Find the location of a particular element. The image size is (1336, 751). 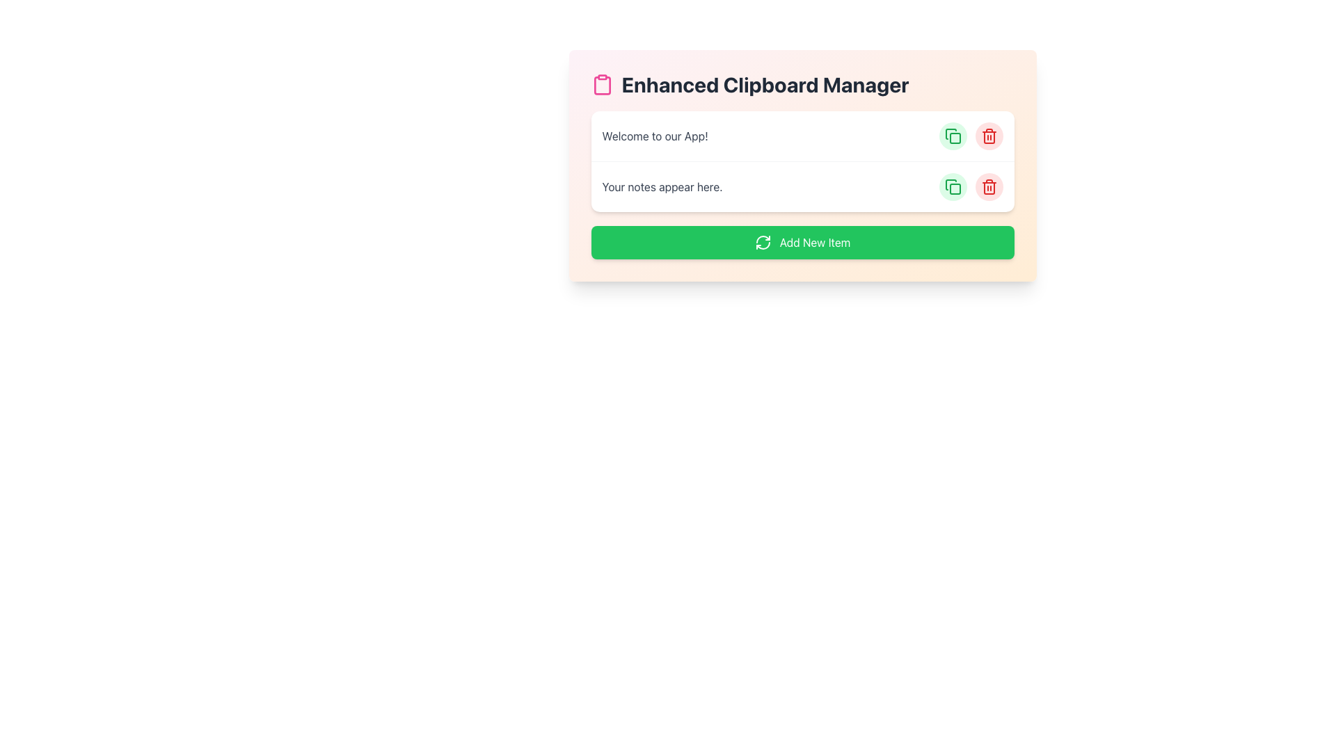

the static text label displaying 'Welcome to our App!' in gray text, located at the top-left portion of the card interface is located at coordinates (654, 136).